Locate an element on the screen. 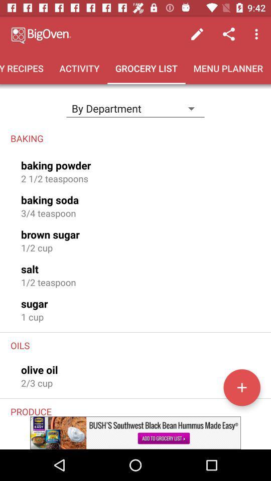 The width and height of the screenshot is (271, 481). click button is located at coordinates (241, 387).